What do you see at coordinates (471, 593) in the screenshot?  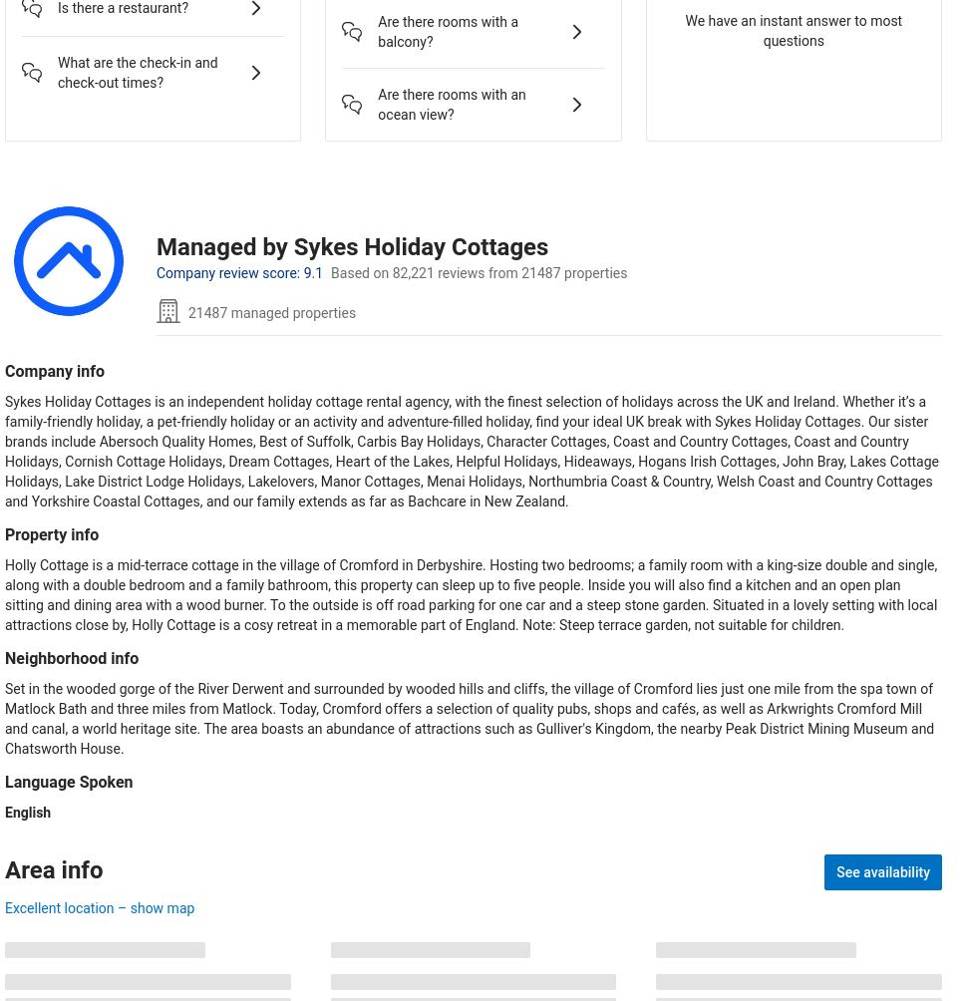 I see `'Holly Cottage is a mid-terrace cottage in the village of Cromford in Derbyshire. Hosting two bedrooms; a family room with a king-size double and single, along with a double bedroom and a family bathroom, this property can sleep up to five people. Inside you will also find a kitchen and an open plan sitting and dining area with a wood burner. To the outside is off road parking for one car and a steep stone garden. Situated in a lovely setting with local attractions close by, Holly Cottage is a cosy retreat in a memorable part of England.Note: Steep terrace garden, not suitable for children.'` at bounding box center [471, 593].